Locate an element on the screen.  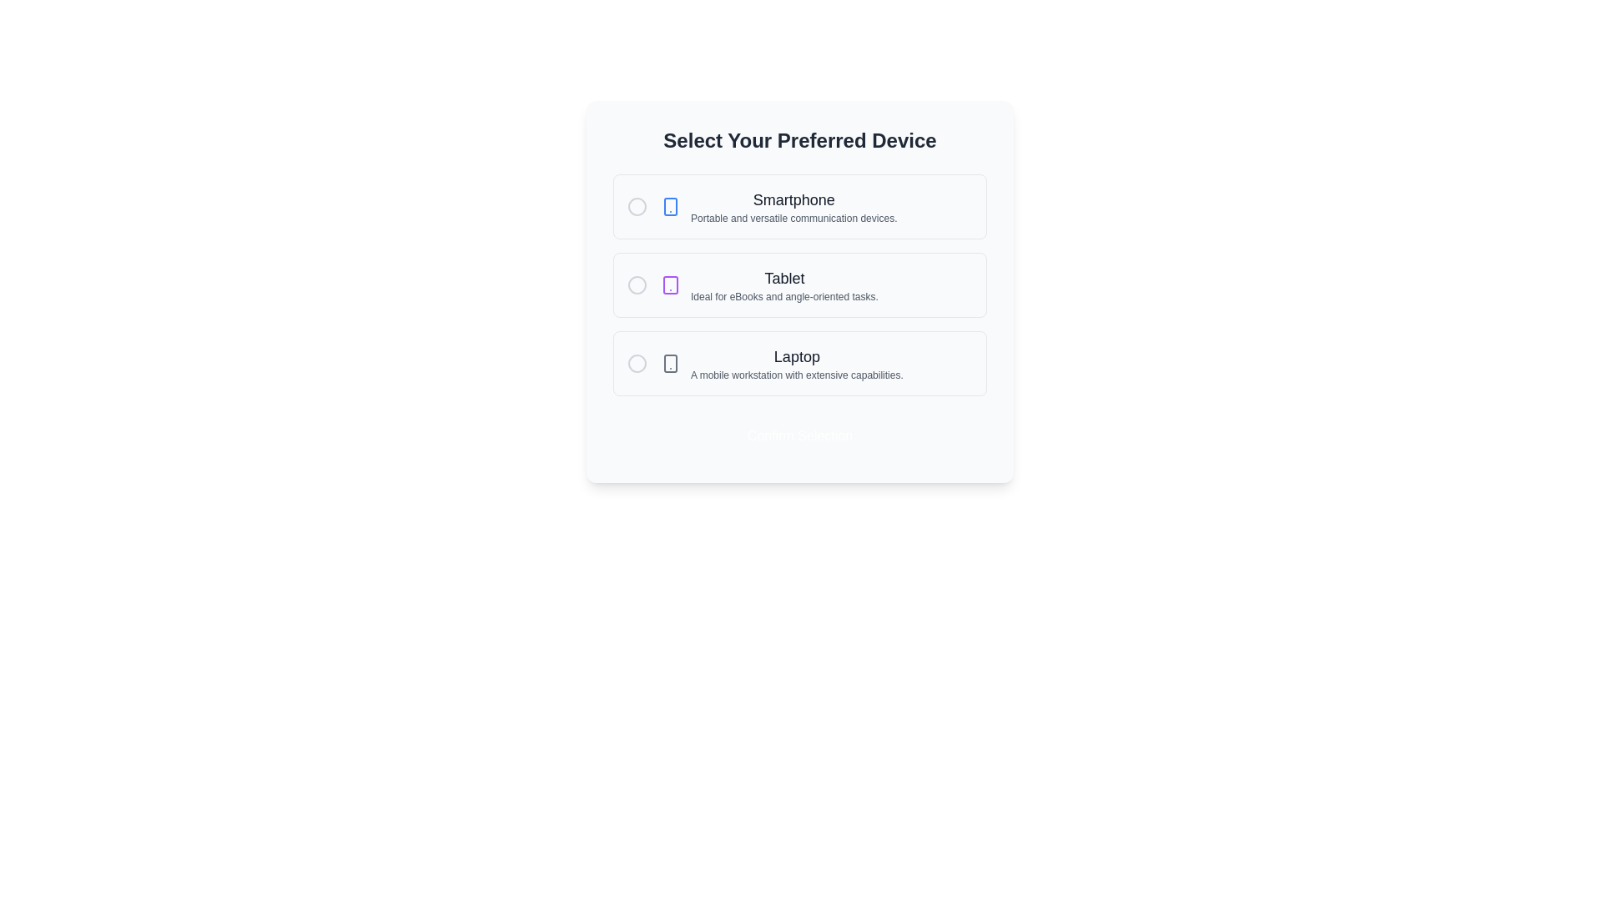
the circular radio button with a gray outline located beside the label 'Tablet' in the second option of the vertical list of selectable devices is located at coordinates (636, 284).